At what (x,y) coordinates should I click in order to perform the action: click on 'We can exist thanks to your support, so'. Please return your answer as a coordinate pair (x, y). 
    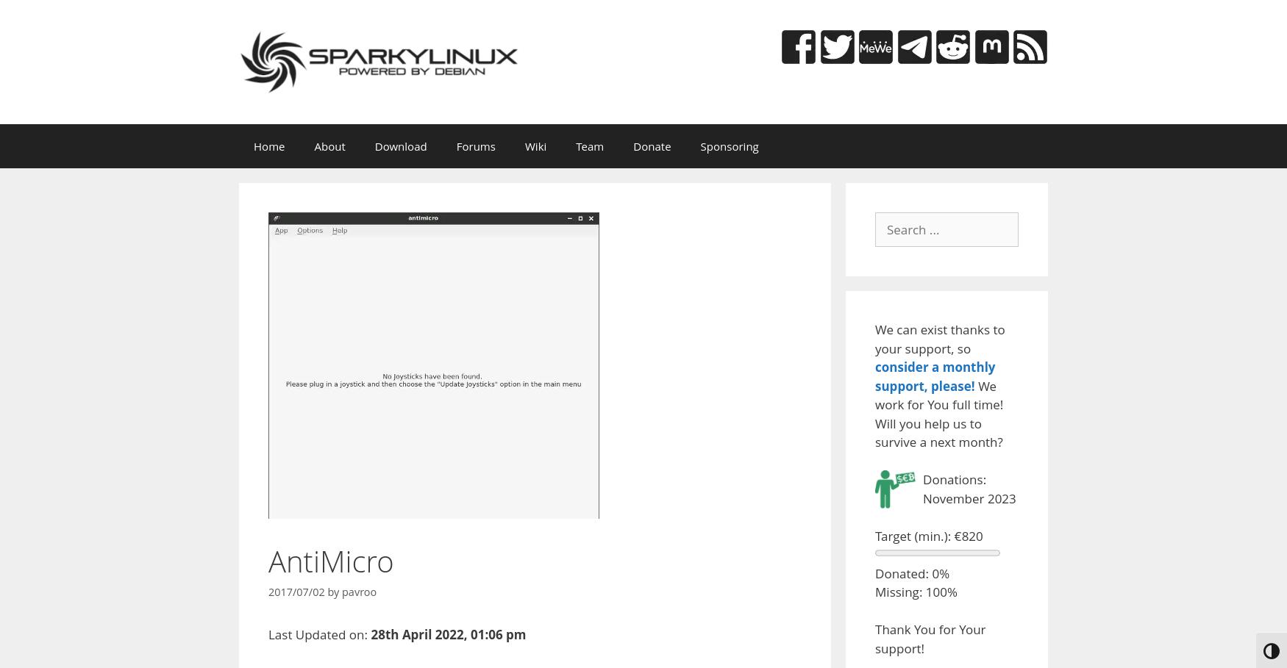
    Looking at the image, I should click on (875, 339).